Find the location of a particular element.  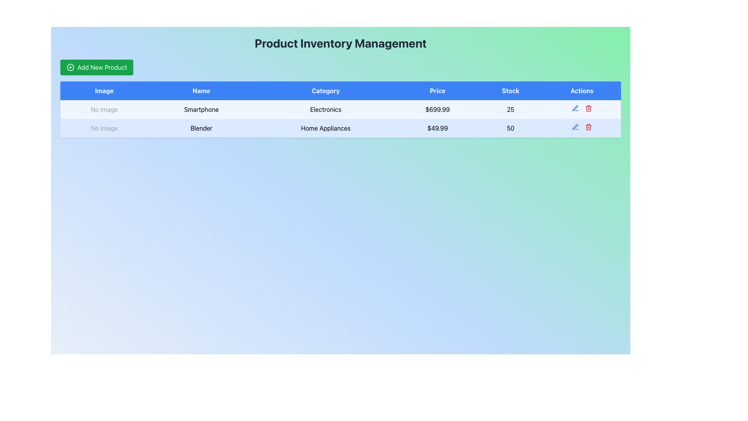

the circular graphical component of the 'Add New Product' button, which is positioned near the top-left corner of the interface is located at coordinates (71, 67).